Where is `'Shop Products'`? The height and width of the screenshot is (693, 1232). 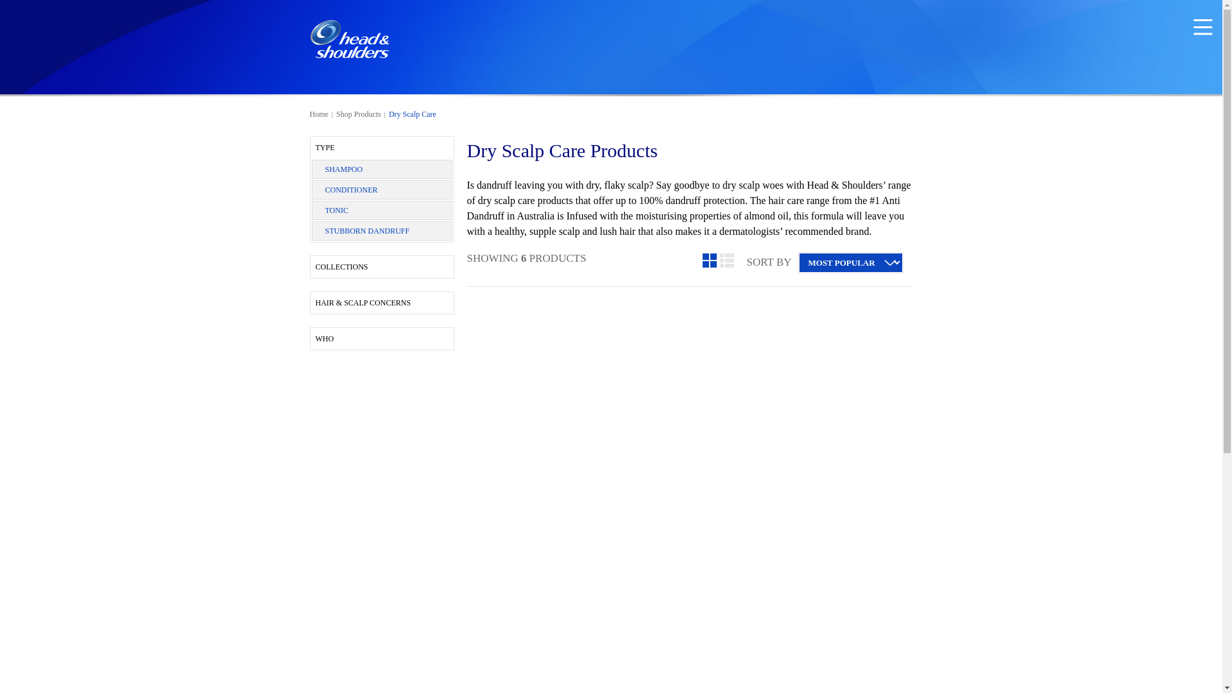
'Shop Products' is located at coordinates (358, 113).